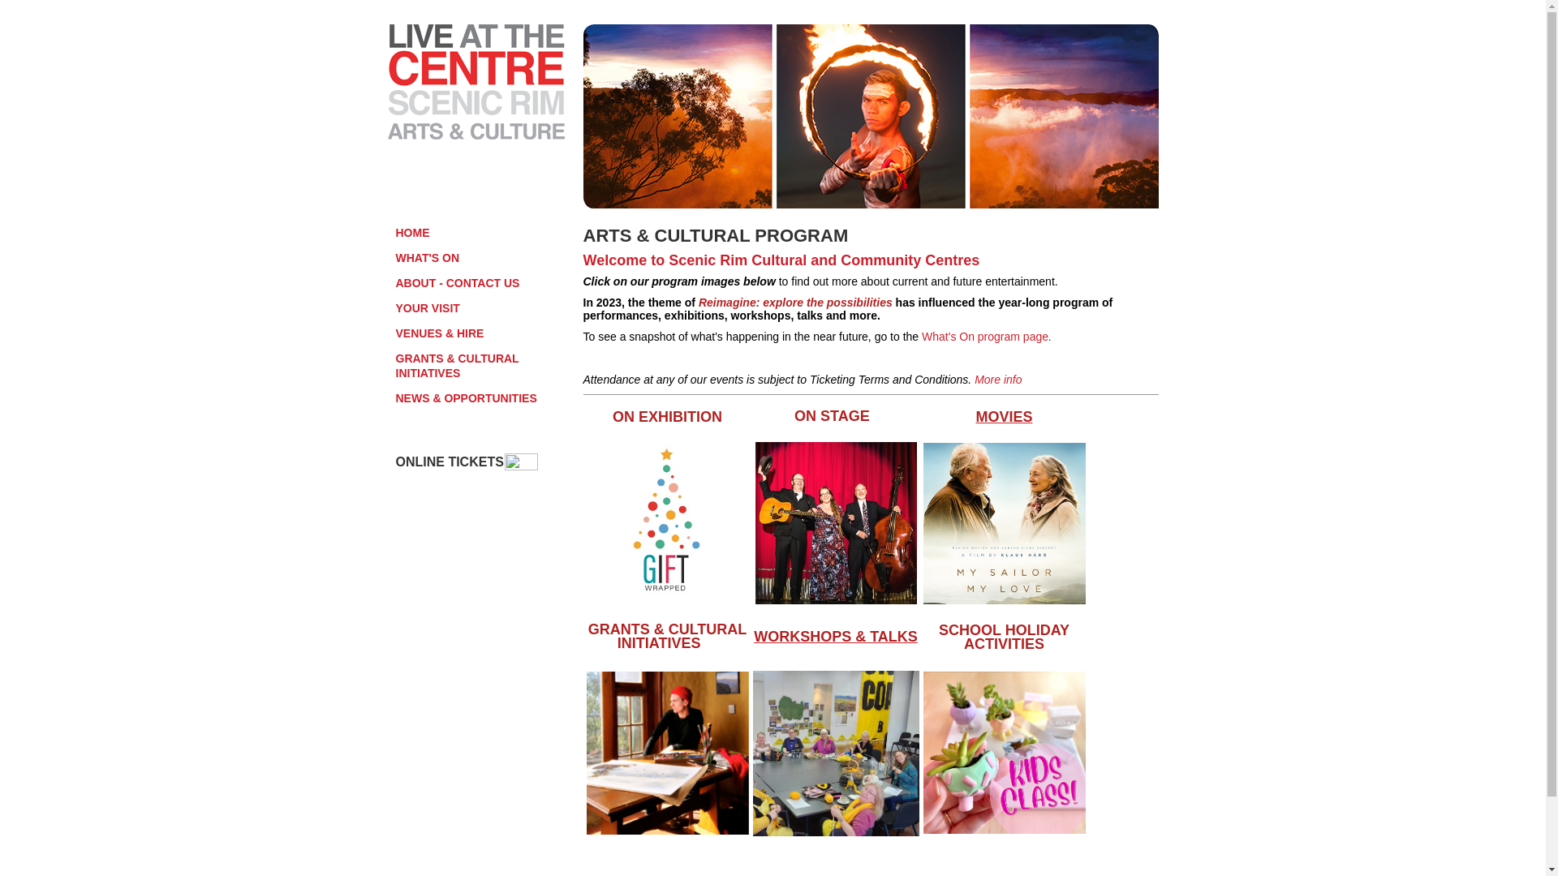  I want to click on 'MOVIES', so click(1003, 418).